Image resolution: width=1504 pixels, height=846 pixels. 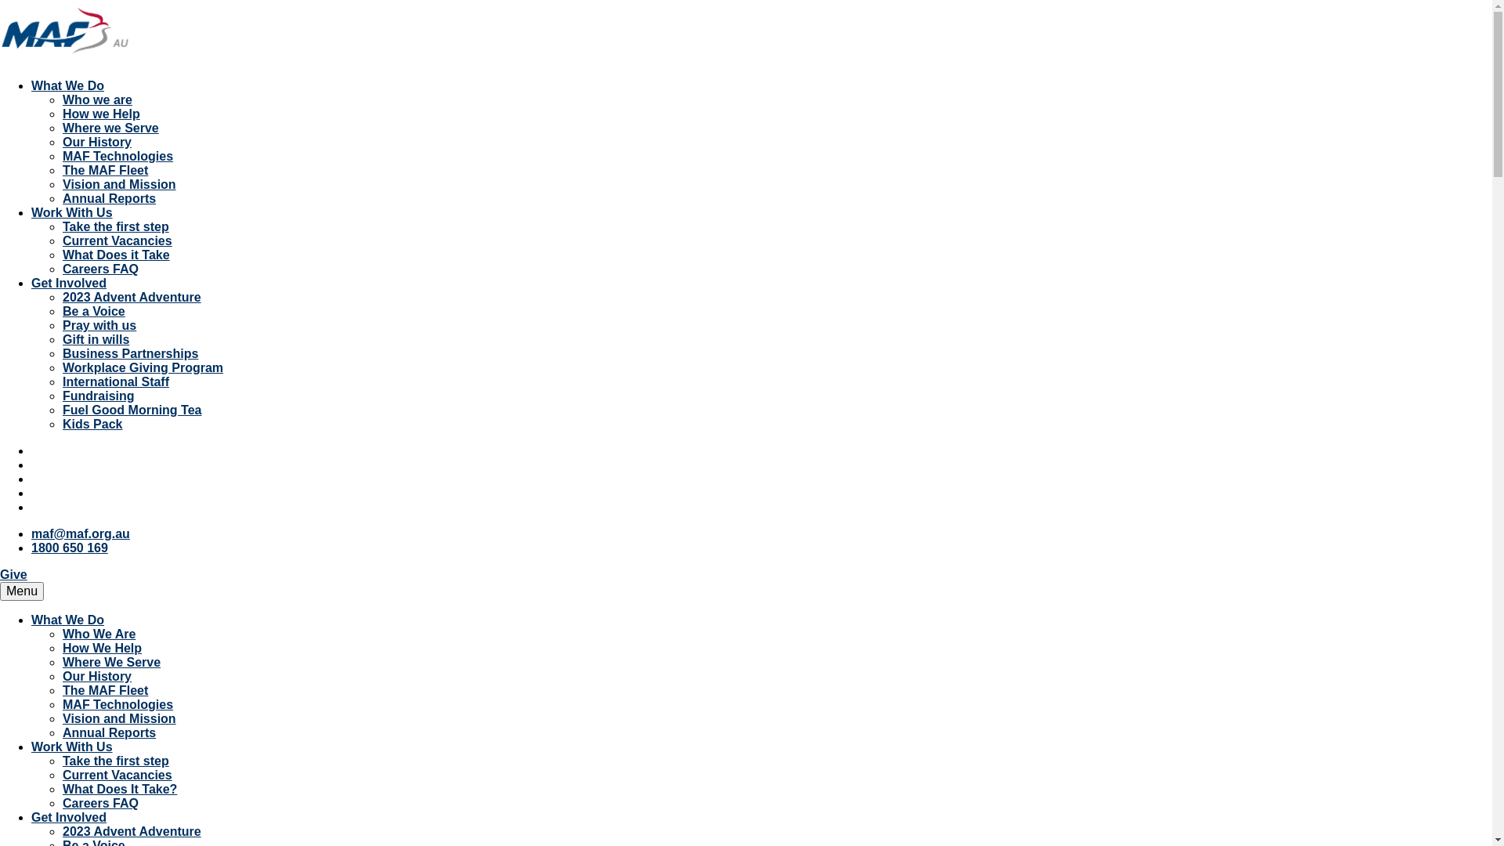 I want to click on 'Menu', so click(x=22, y=591).